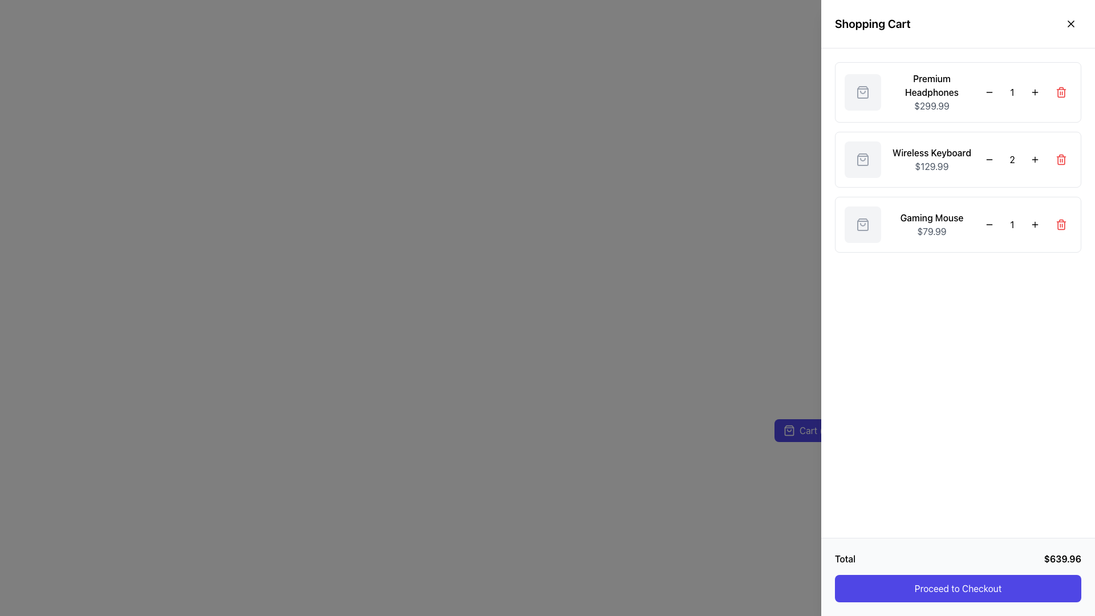 The image size is (1095, 616). I want to click on the button that decreases the quantity of the 'Gaming Mouse' item in the cart, located in the third row before the displayed quantity '1', so click(988, 224).